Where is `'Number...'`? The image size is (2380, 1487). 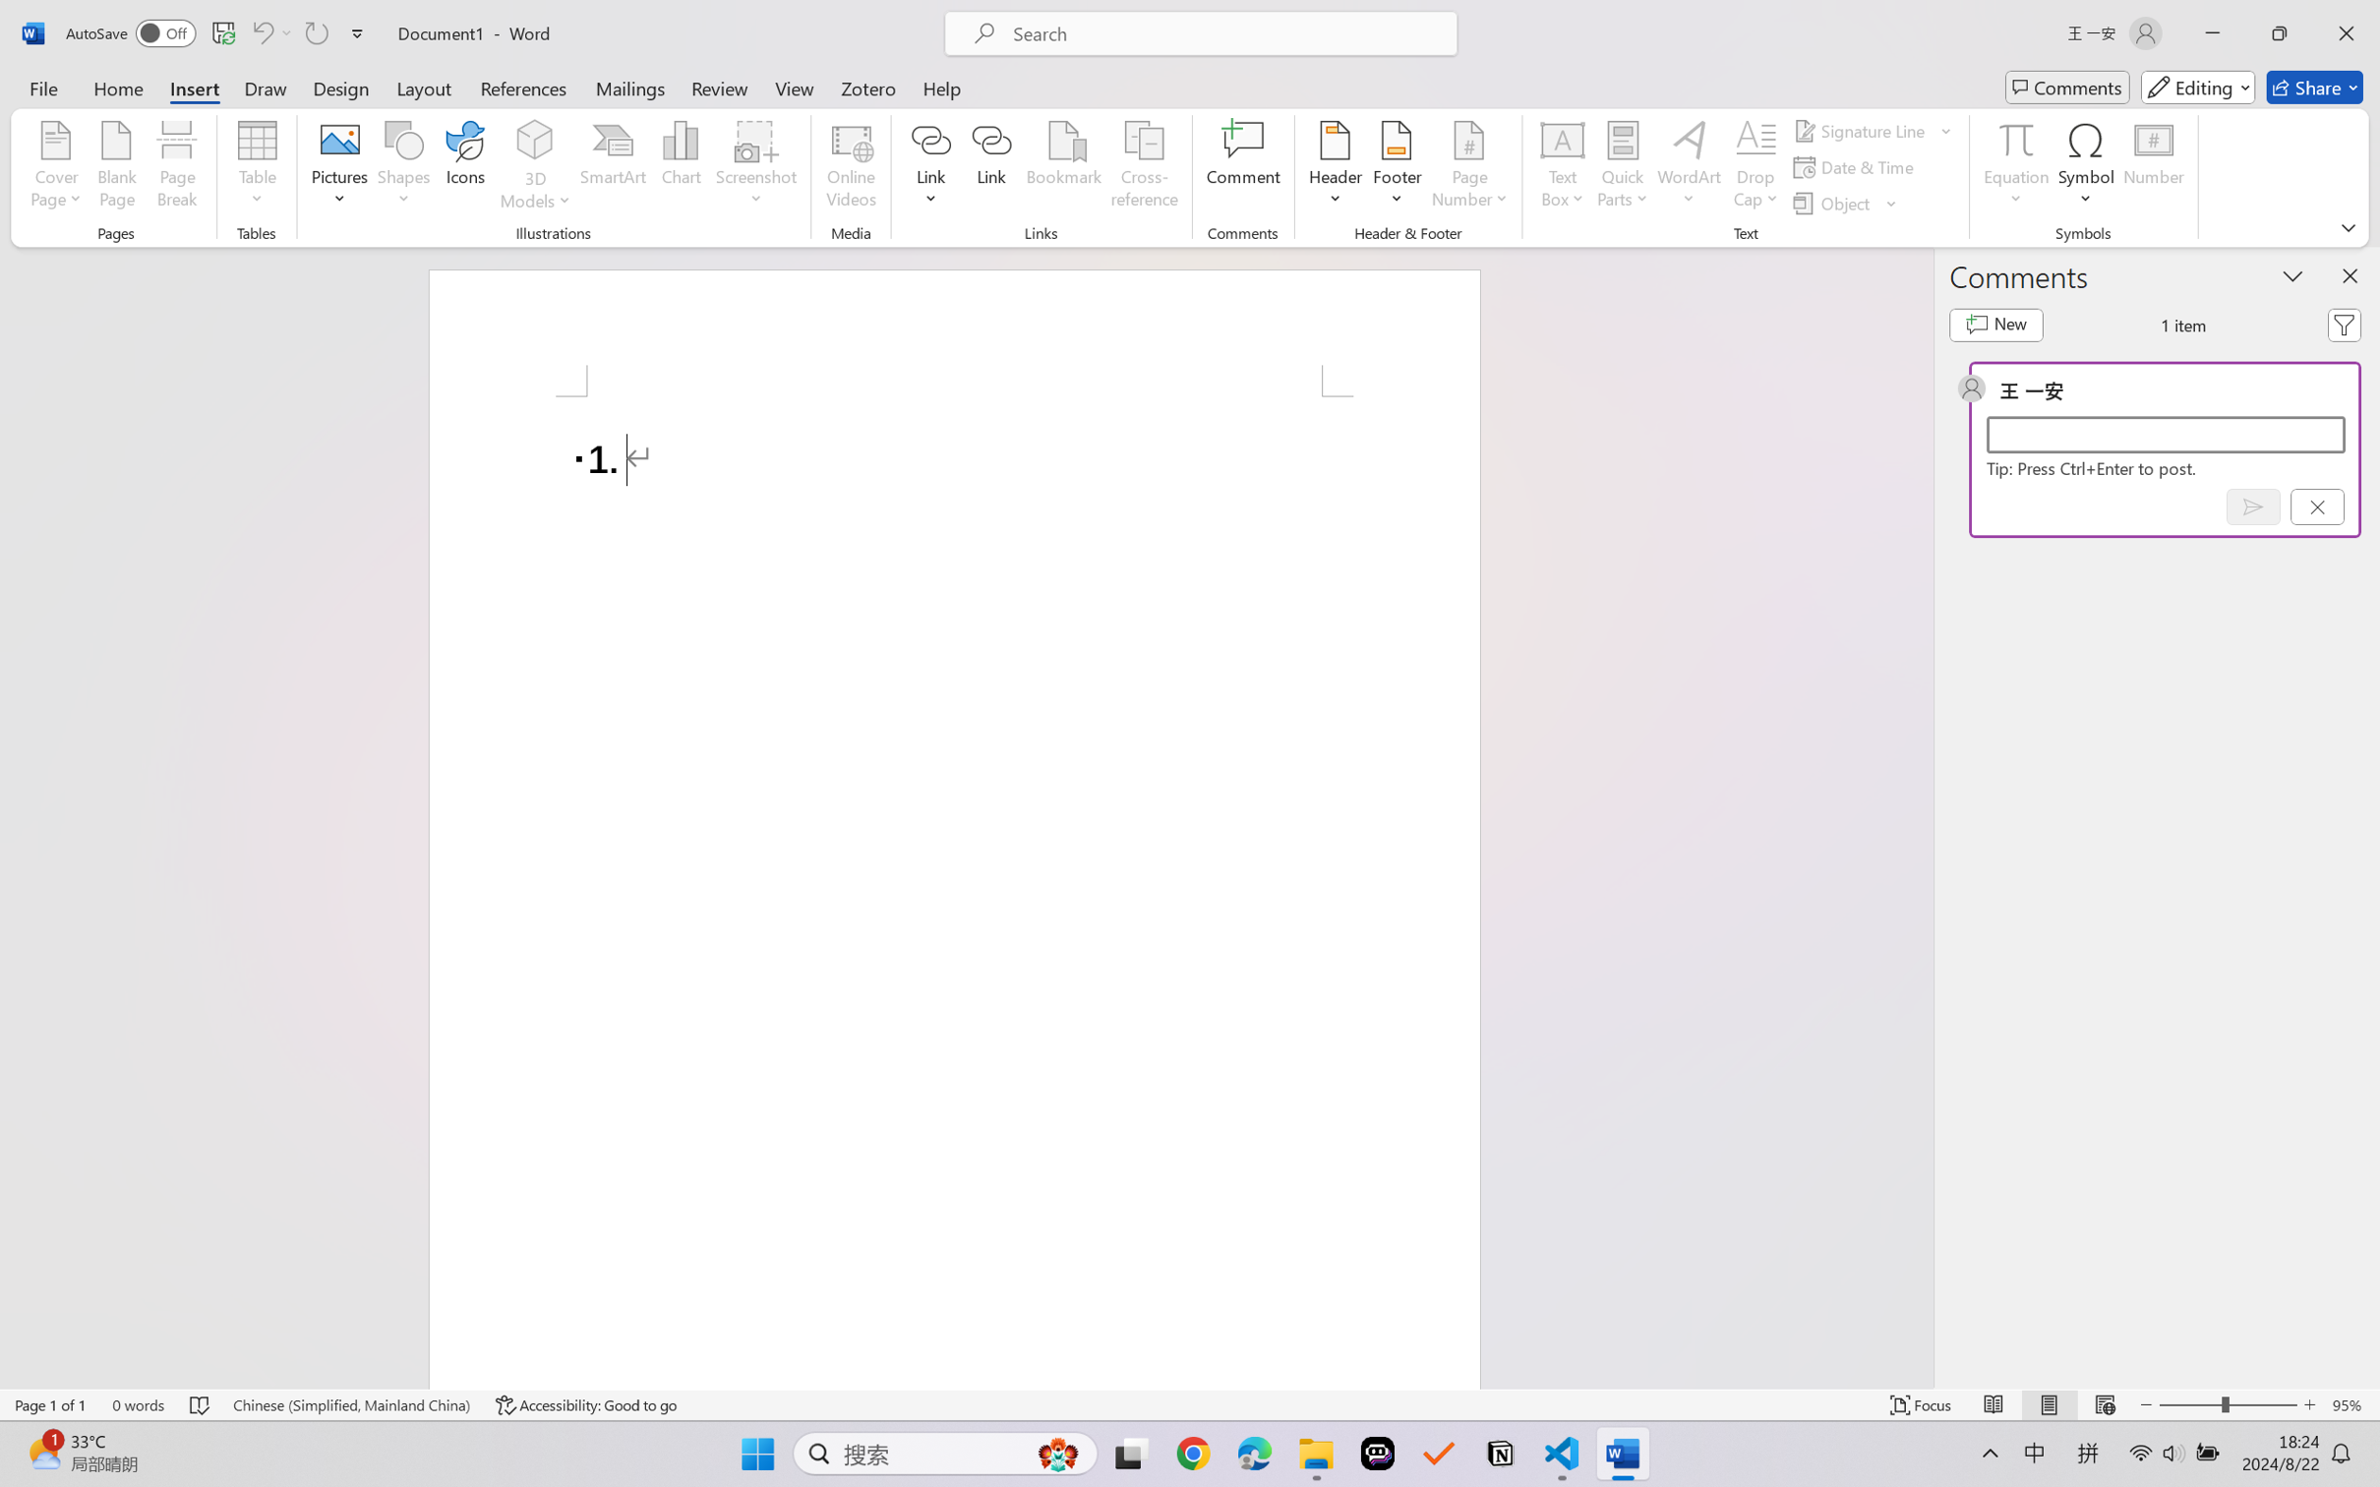
'Number...' is located at coordinates (2152, 167).